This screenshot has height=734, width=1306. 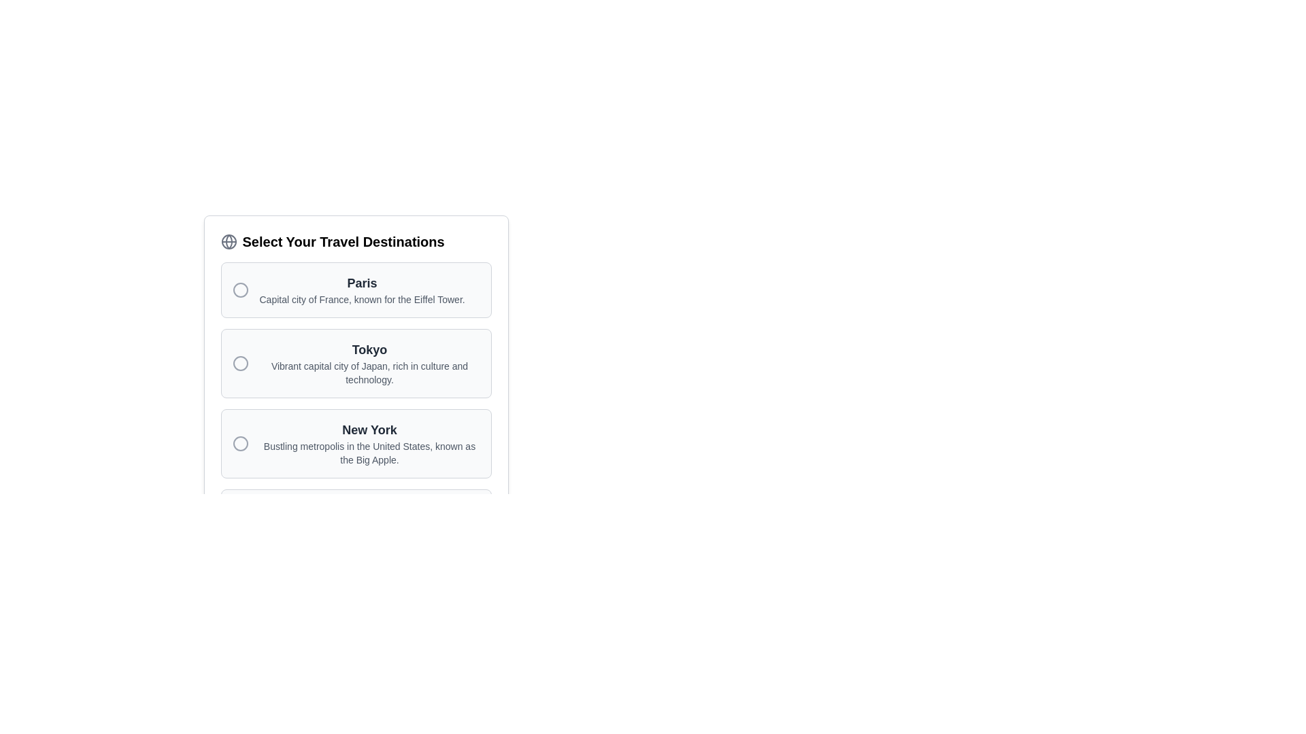 What do you see at coordinates (362, 298) in the screenshot?
I see `the text element that describes 'Capital city of France, known for the Eiffel Tower', which is located beneath the title 'Paris' in the first selection card of travel destinations` at bounding box center [362, 298].